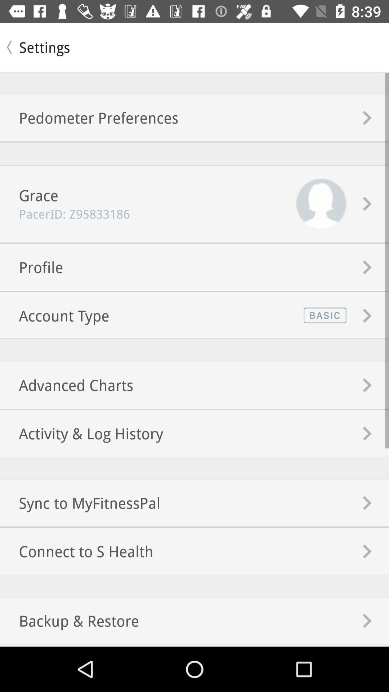 Image resolution: width=389 pixels, height=692 pixels. What do you see at coordinates (89, 117) in the screenshot?
I see `the pedometer preferences` at bounding box center [89, 117].